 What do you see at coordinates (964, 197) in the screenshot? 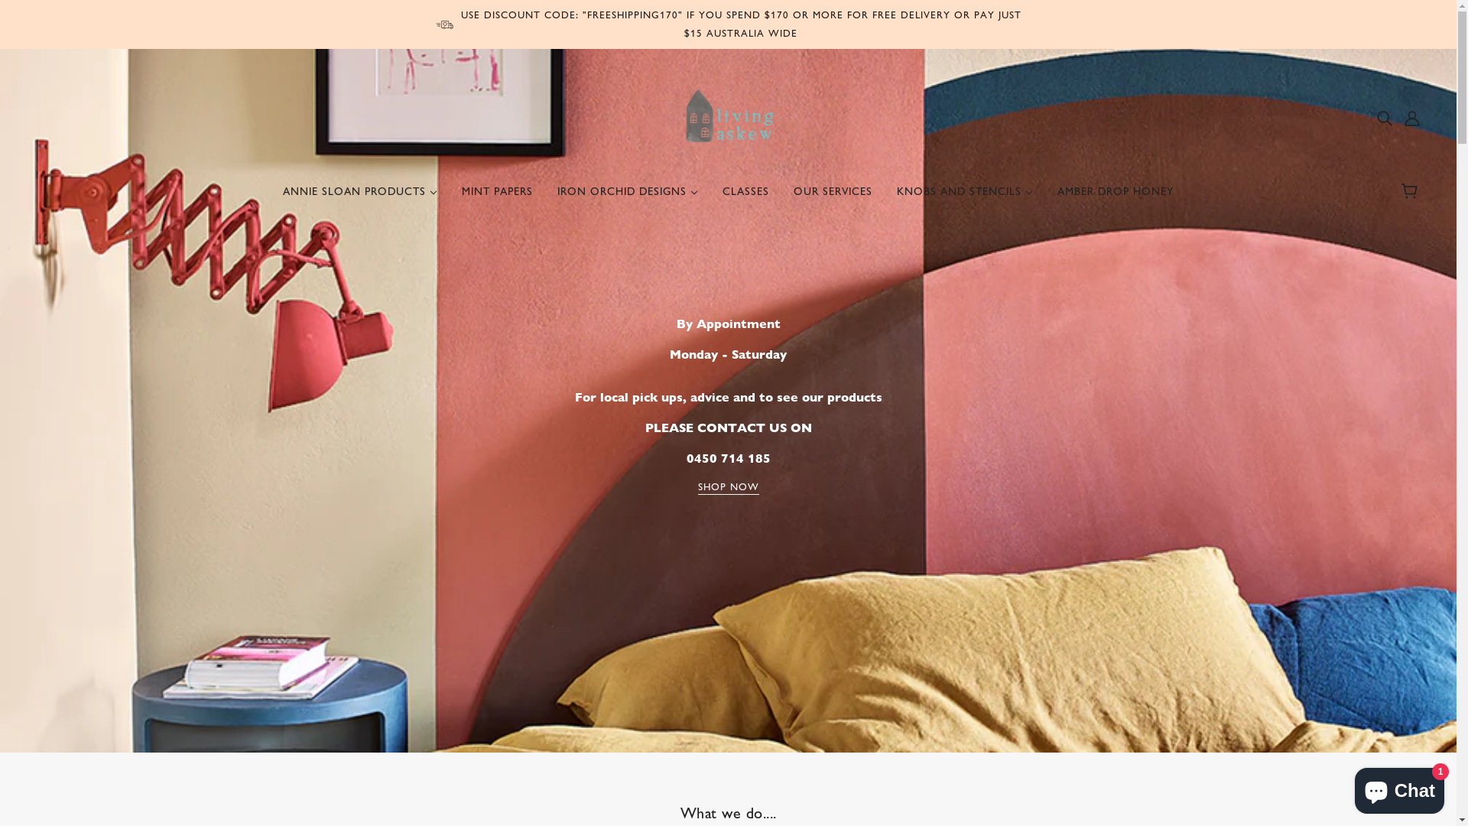
I see `'KNOBS AND STENCILS'` at bounding box center [964, 197].